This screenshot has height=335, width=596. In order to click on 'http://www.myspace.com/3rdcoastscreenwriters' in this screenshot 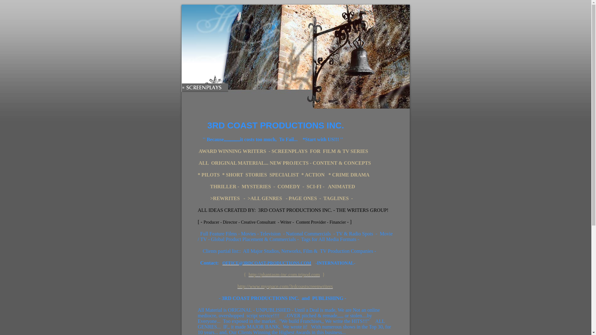, I will do `click(285, 286)`.